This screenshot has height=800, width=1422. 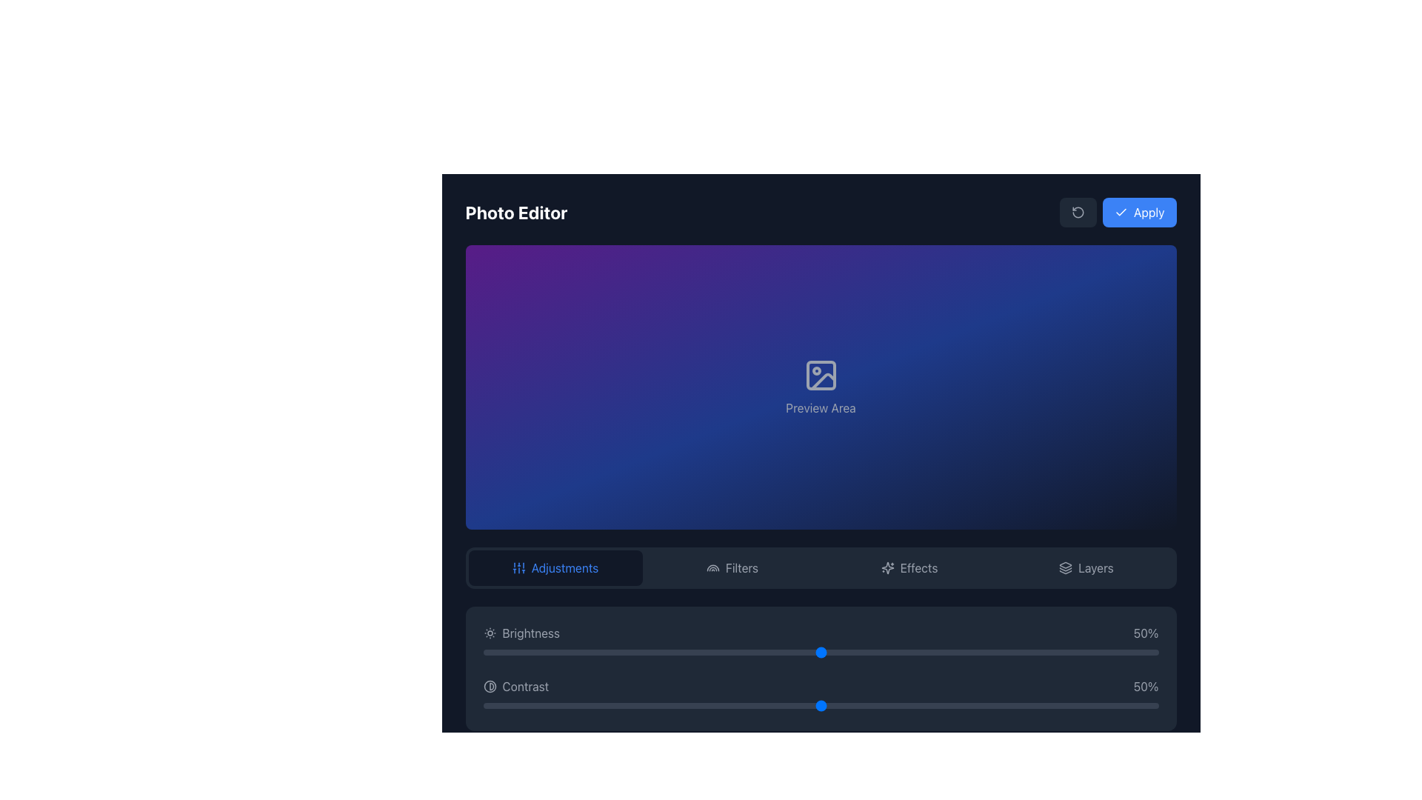 I want to click on the decorative contrast adjustment icon located to the left of the 'Contrast' label in the photo editor's adjustments section, so click(x=490, y=686).